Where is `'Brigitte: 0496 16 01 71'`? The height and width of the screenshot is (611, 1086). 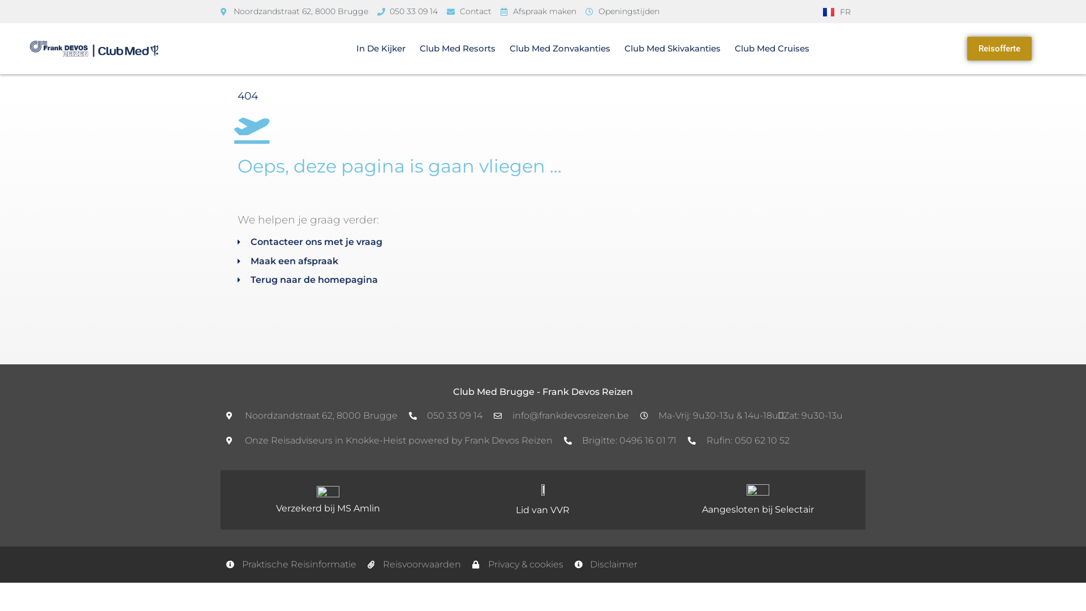
'Brigitte: 0496 16 01 71' is located at coordinates (619, 440).